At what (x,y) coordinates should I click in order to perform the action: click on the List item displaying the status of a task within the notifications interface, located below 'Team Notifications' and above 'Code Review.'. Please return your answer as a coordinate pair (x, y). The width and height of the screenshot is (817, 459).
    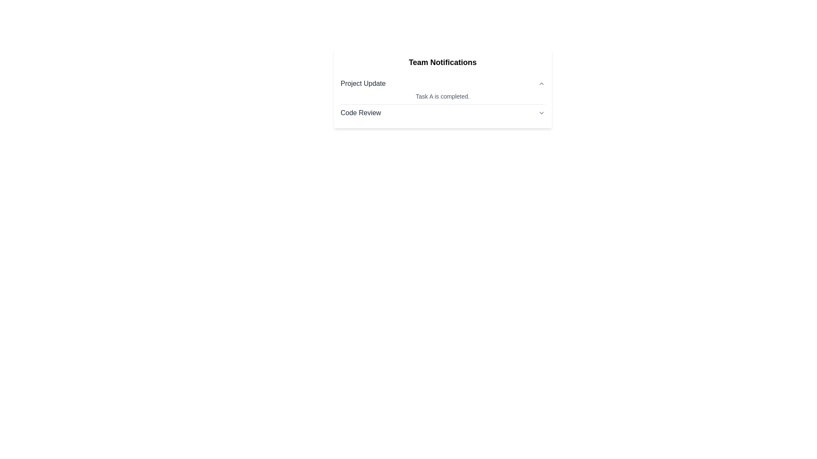
    Looking at the image, I should click on (443, 98).